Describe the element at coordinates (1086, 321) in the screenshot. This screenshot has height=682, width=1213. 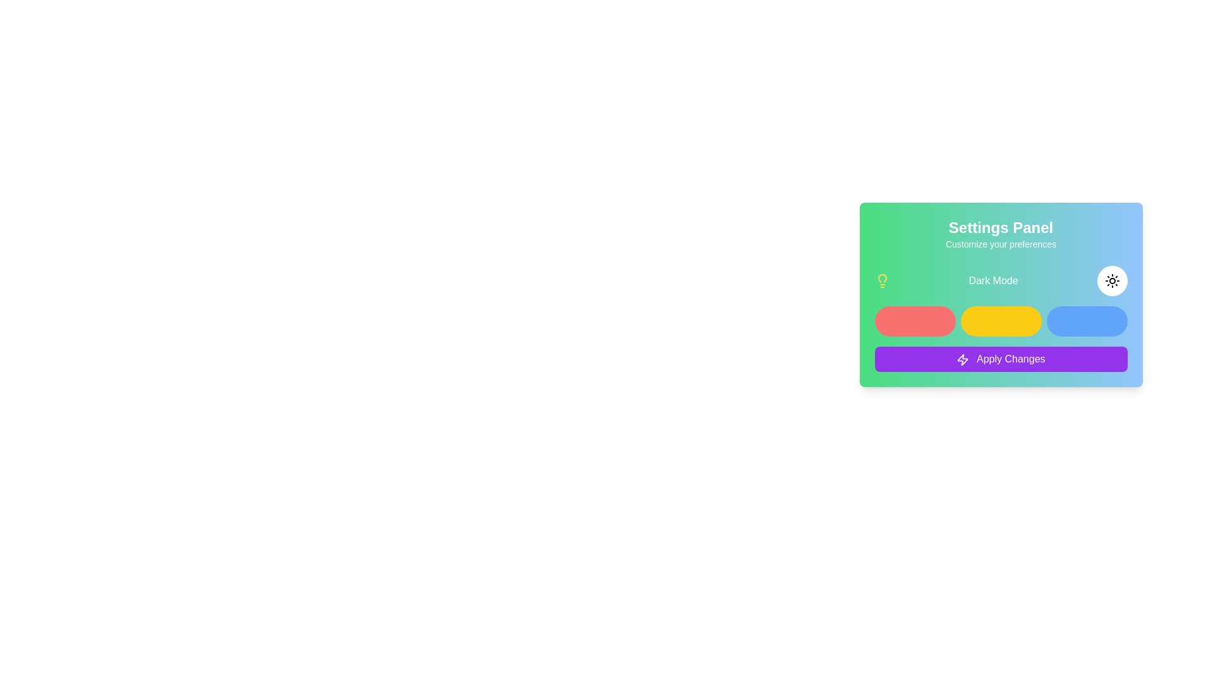
I see `the third button in the row of three pill-shaped buttons located in the top-right corner of the grid to change its color` at that location.